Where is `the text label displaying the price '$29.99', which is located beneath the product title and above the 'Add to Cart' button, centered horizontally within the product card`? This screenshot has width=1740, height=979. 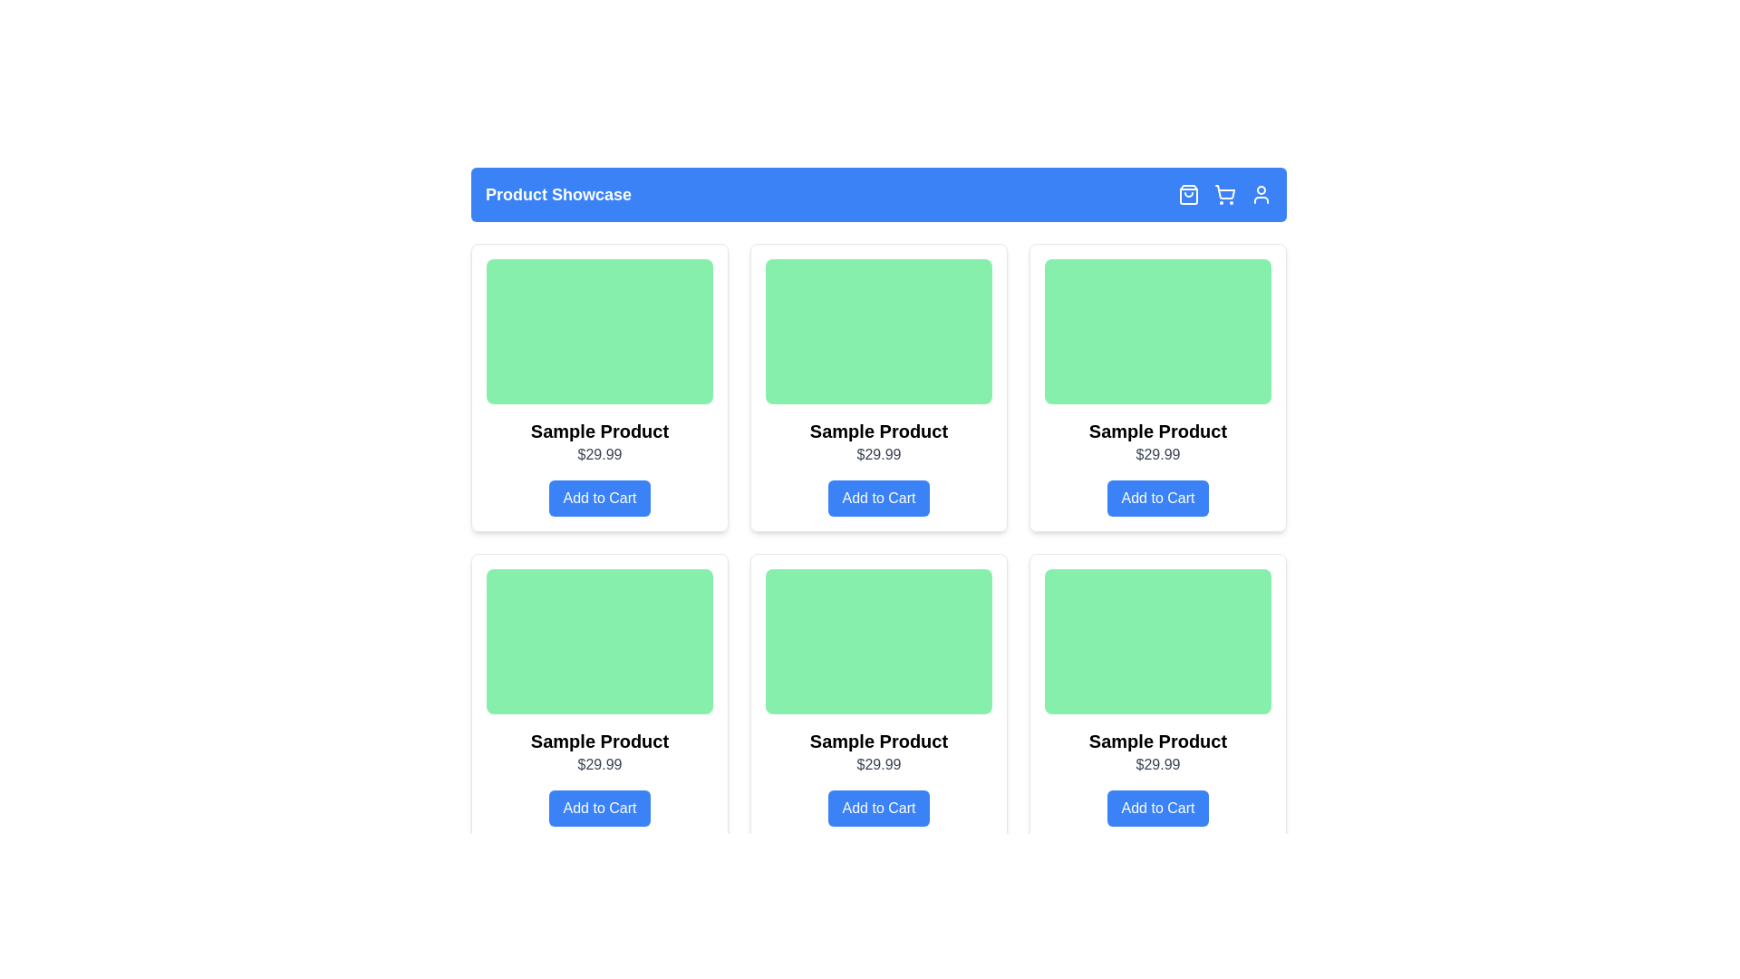
the text label displaying the price '$29.99', which is located beneath the product title and above the 'Add to Cart' button, centered horizontally within the product card is located at coordinates (600, 765).